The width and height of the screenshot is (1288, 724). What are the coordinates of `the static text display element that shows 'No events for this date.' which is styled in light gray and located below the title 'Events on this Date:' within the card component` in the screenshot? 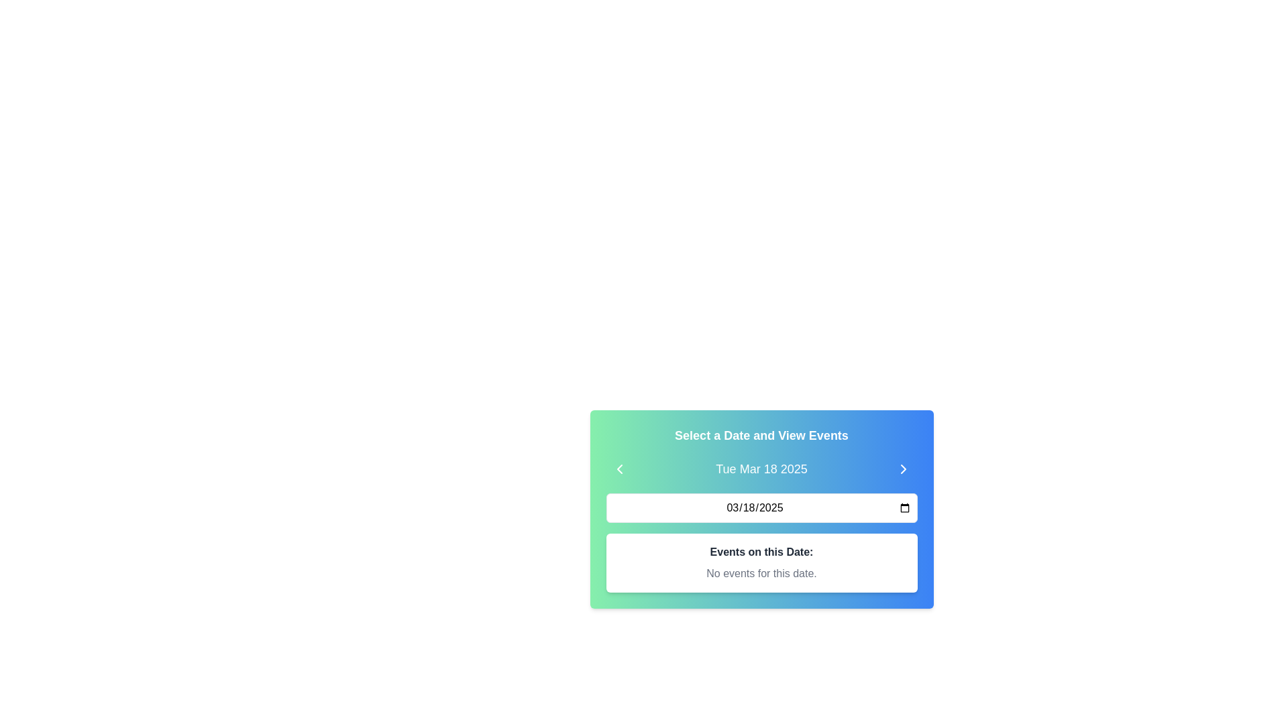 It's located at (761, 573).